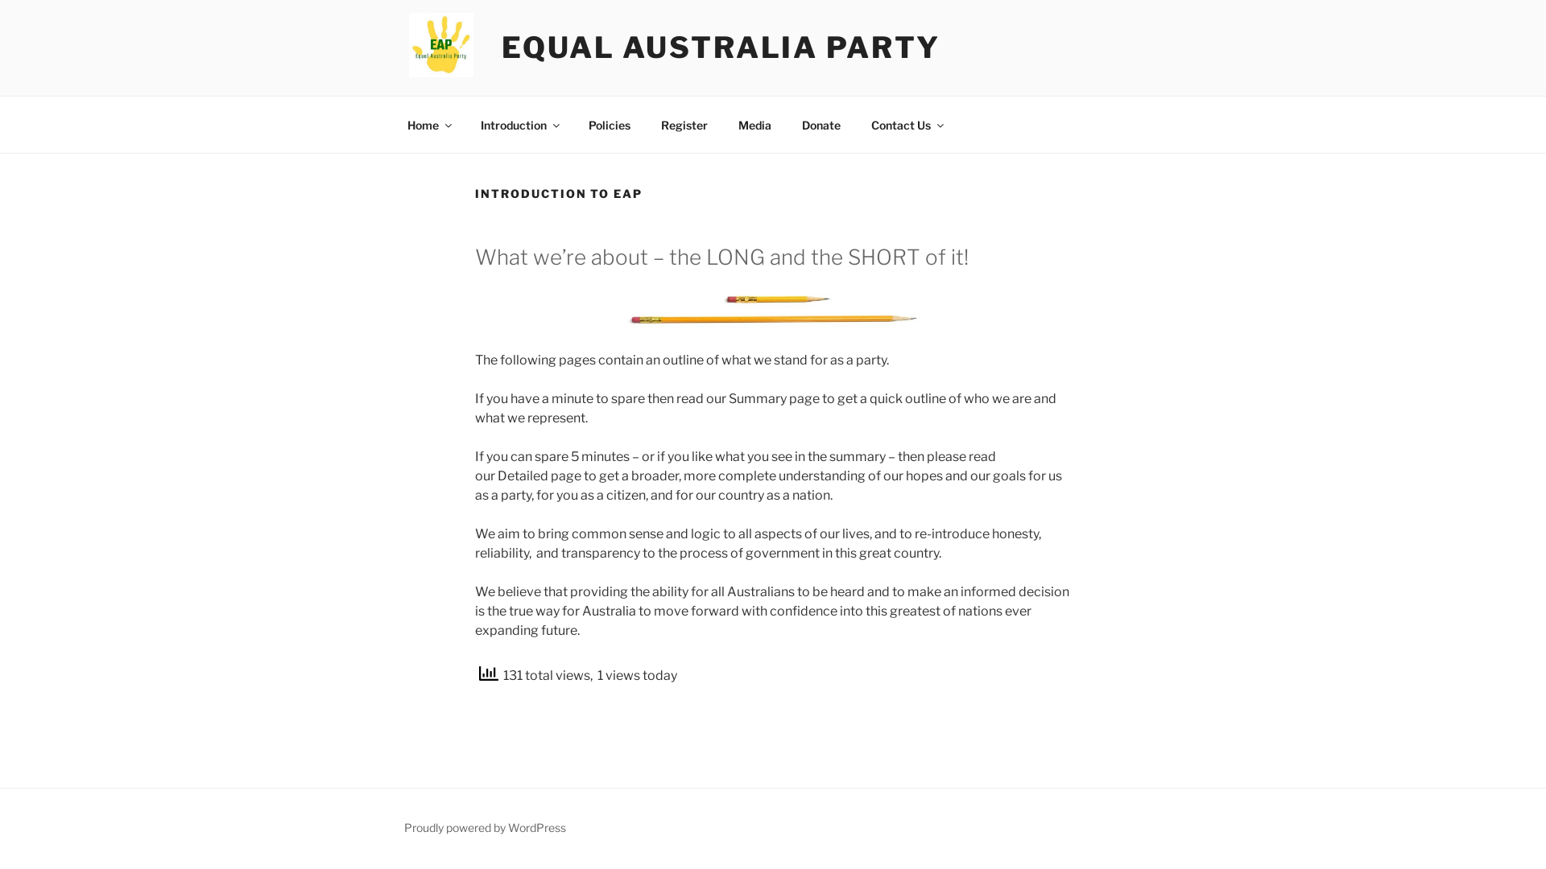 The image size is (1546, 869). What do you see at coordinates (428, 123) in the screenshot?
I see `'Home'` at bounding box center [428, 123].